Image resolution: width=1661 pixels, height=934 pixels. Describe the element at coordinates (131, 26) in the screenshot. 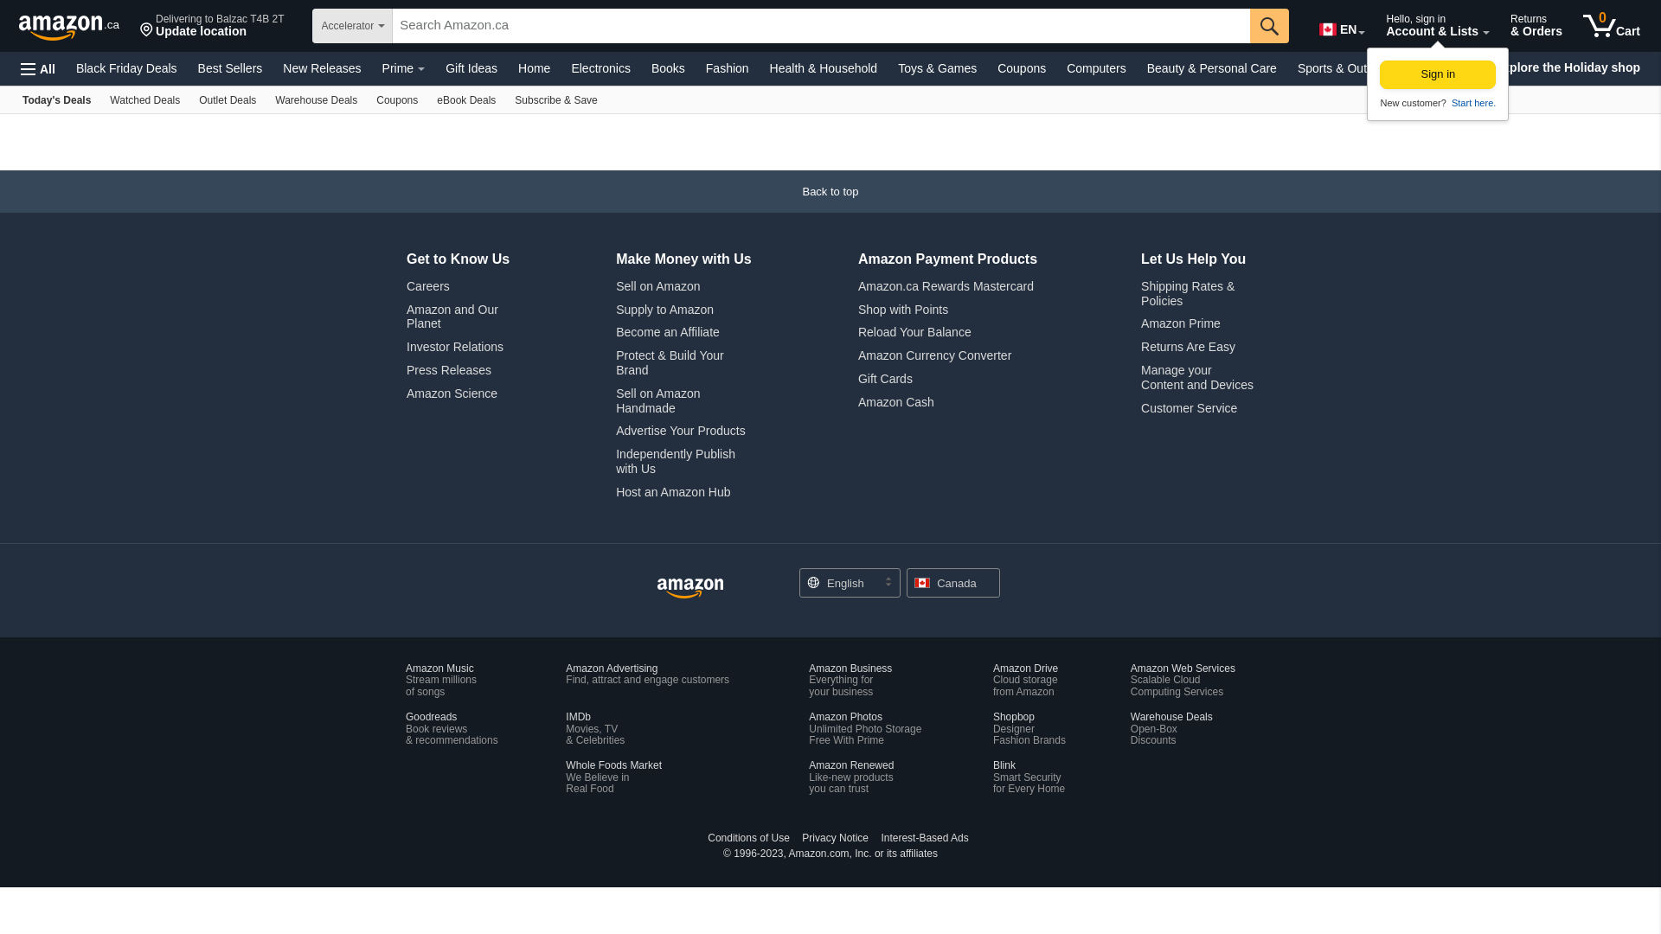

I see `'Delivering to Balzac T4B 2T` at that location.